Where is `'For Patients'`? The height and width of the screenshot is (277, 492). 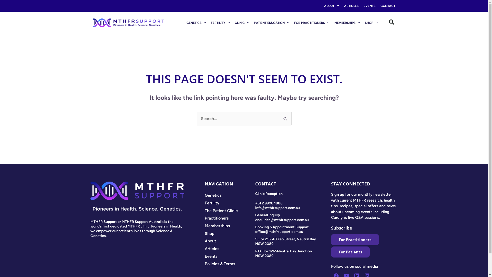
'For Patients' is located at coordinates (350, 252).